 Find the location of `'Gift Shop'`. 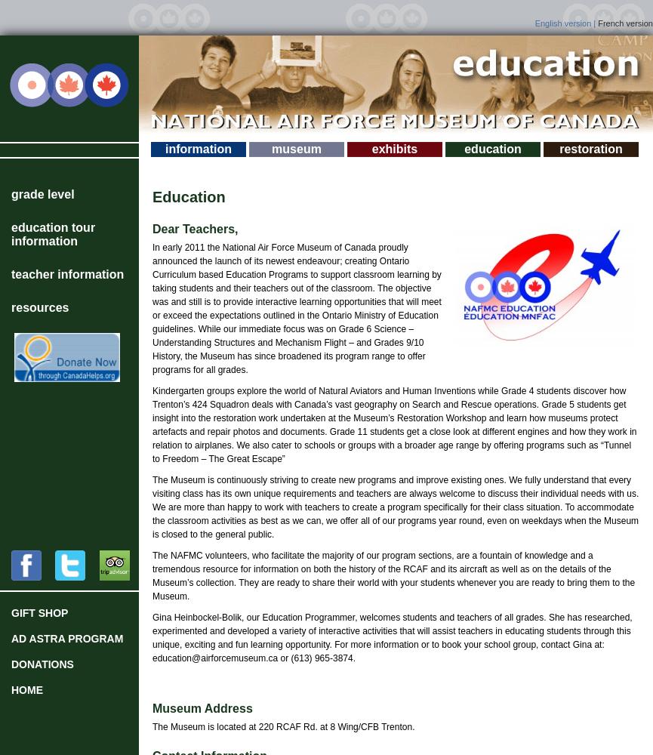

'Gift Shop' is located at coordinates (11, 613).